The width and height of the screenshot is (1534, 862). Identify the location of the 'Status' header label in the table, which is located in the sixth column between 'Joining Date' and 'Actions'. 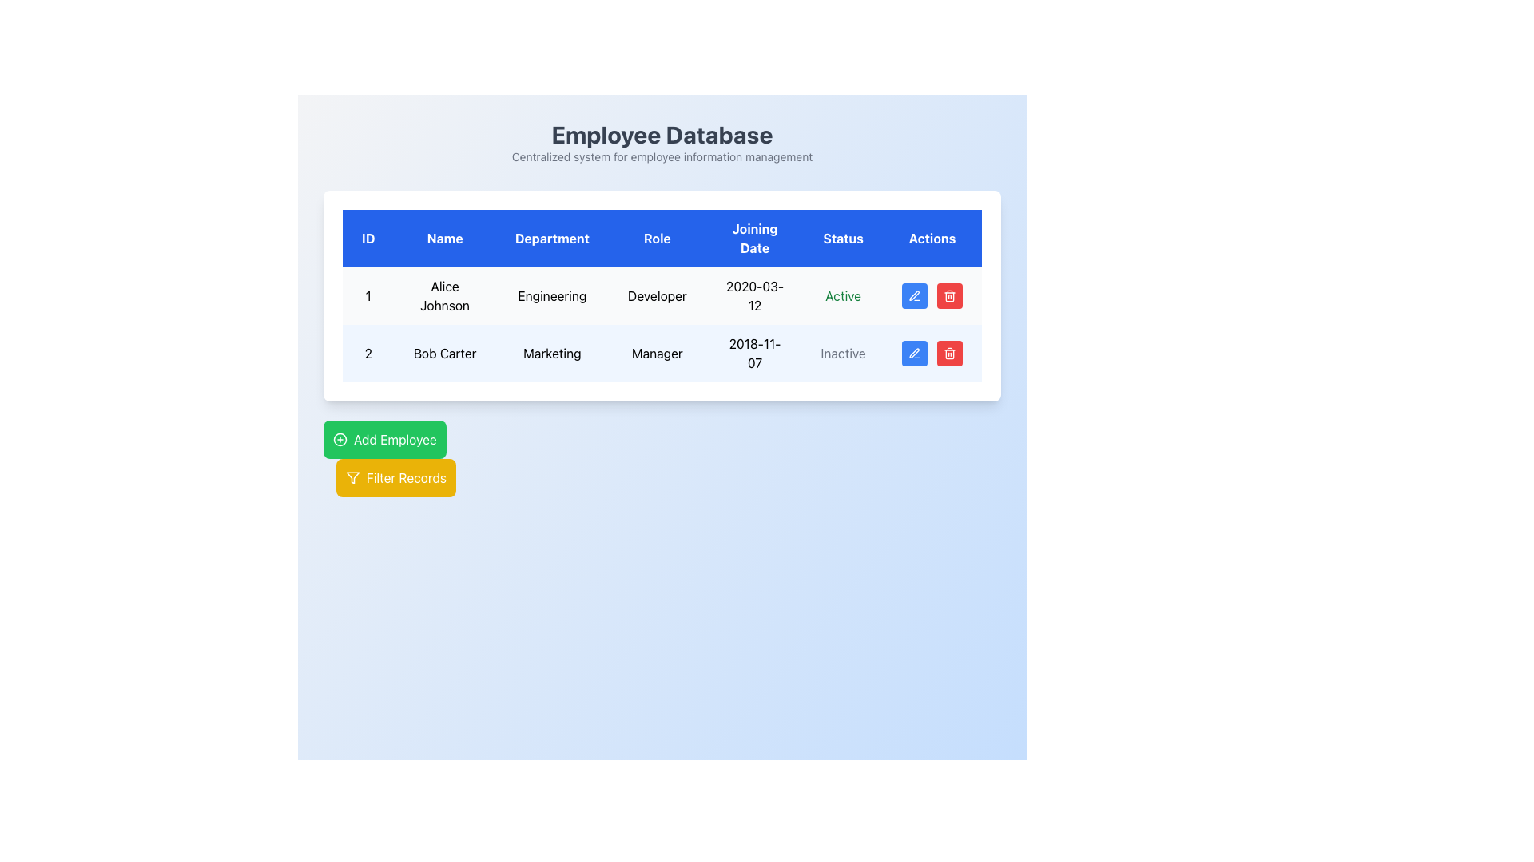
(842, 239).